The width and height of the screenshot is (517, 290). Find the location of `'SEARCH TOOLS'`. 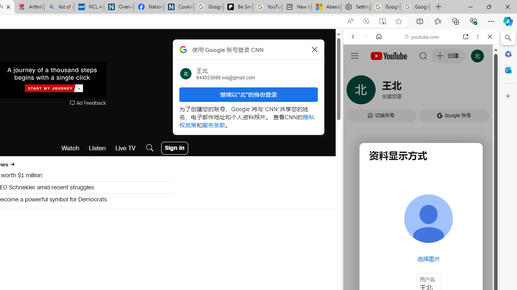

'SEARCH TOOLS' is located at coordinates (441, 91).